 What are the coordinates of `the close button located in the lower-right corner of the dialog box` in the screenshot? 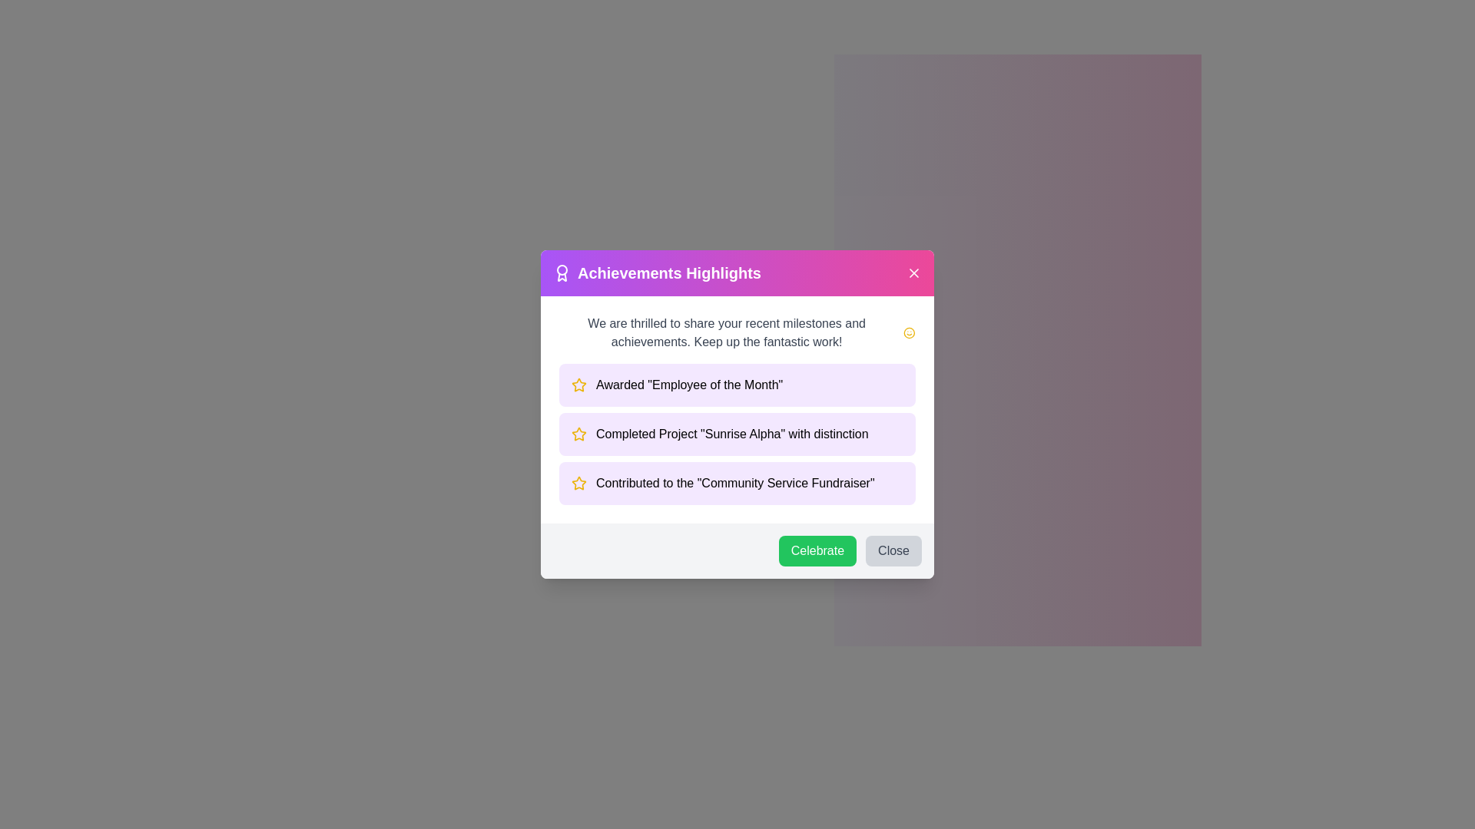 It's located at (893, 550).